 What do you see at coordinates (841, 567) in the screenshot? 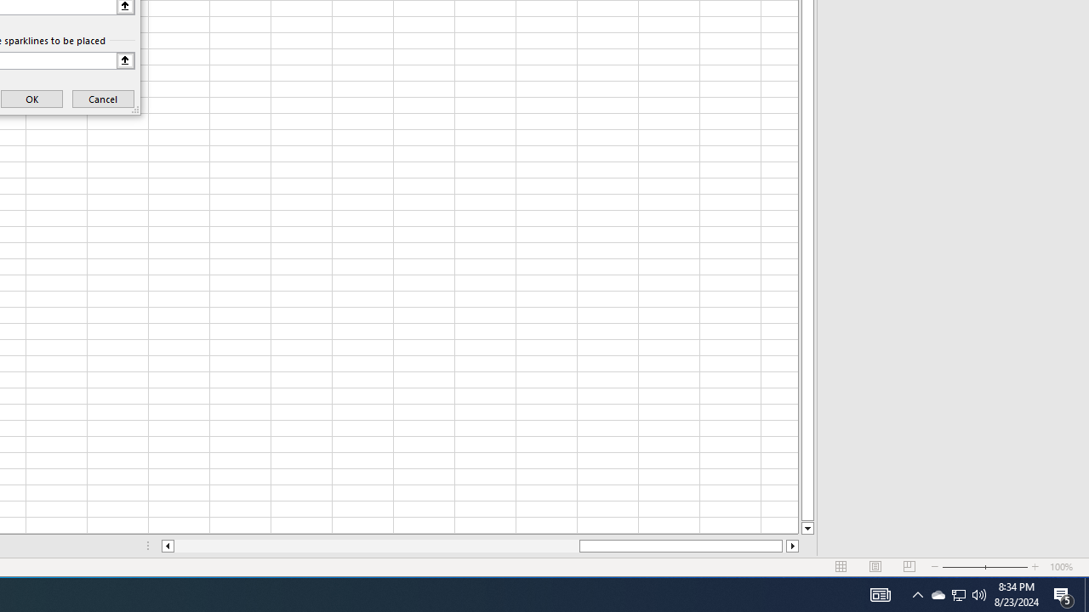
I see `'Normal'` at bounding box center [841, 567].